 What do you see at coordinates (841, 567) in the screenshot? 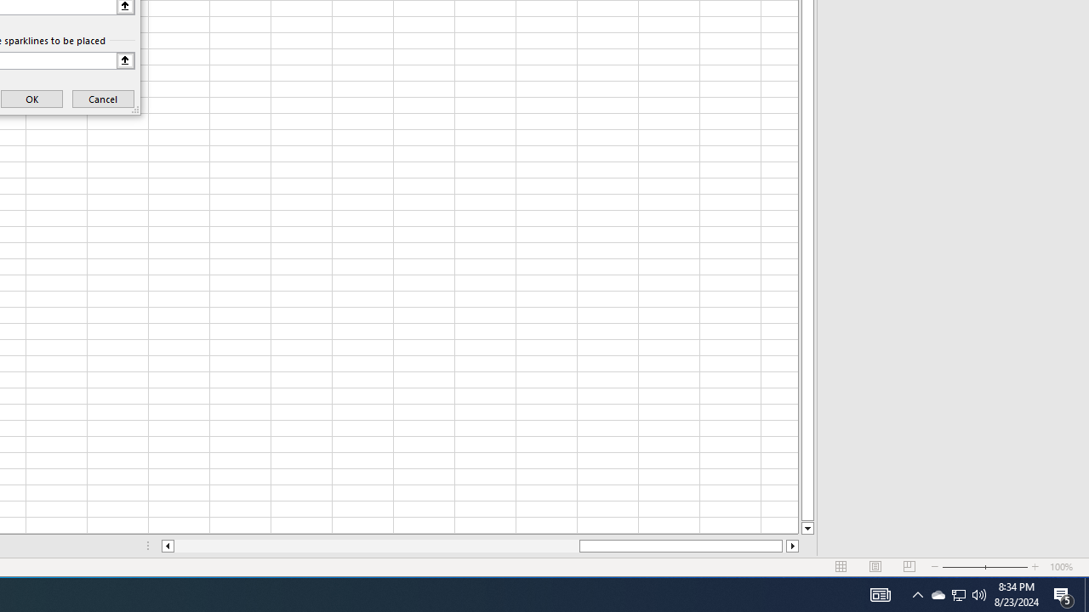
I see `'Normal'` at bounding box center [841, 567].